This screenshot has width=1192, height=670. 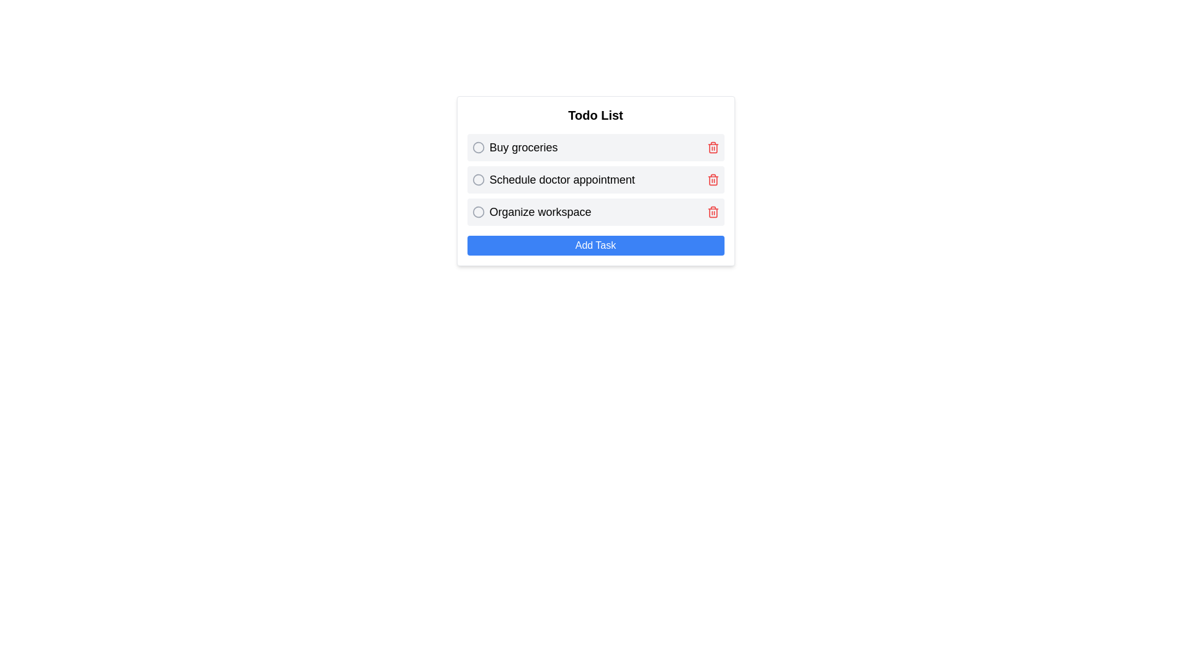 I want to click on the circular checkbox that is the third in the vertical list, located to the left of the 'Organize workspace' text, so click(x=477, y=212).